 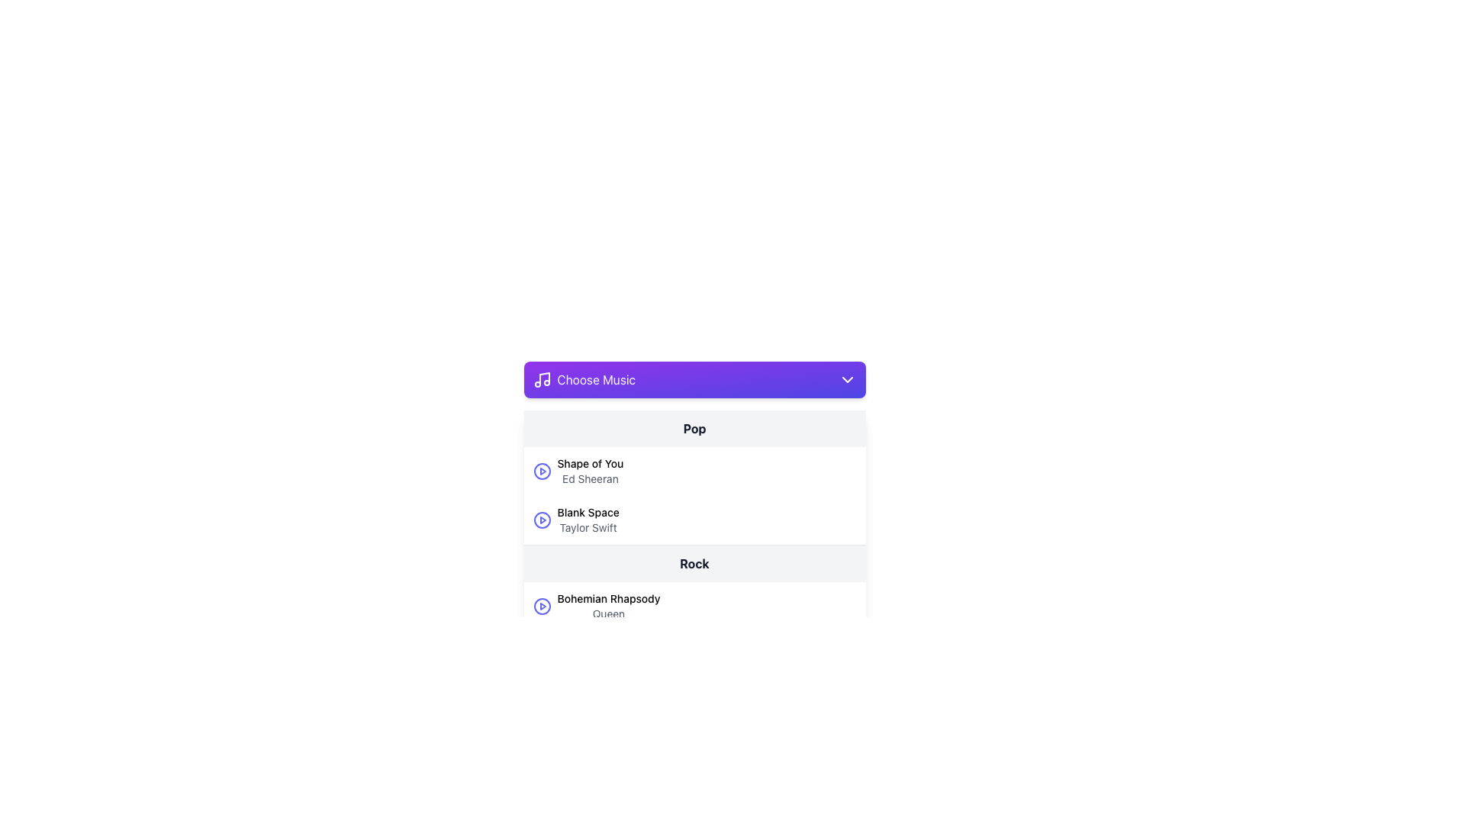 What do you see at coordinates (588, 520) in the screenshot?
I see `the Text Label displaying the song title 'Blank Space' by 'Taylor Swift', located in the second row under the 'Pop' section in the music selection interface` at bounding box center [588, 520].